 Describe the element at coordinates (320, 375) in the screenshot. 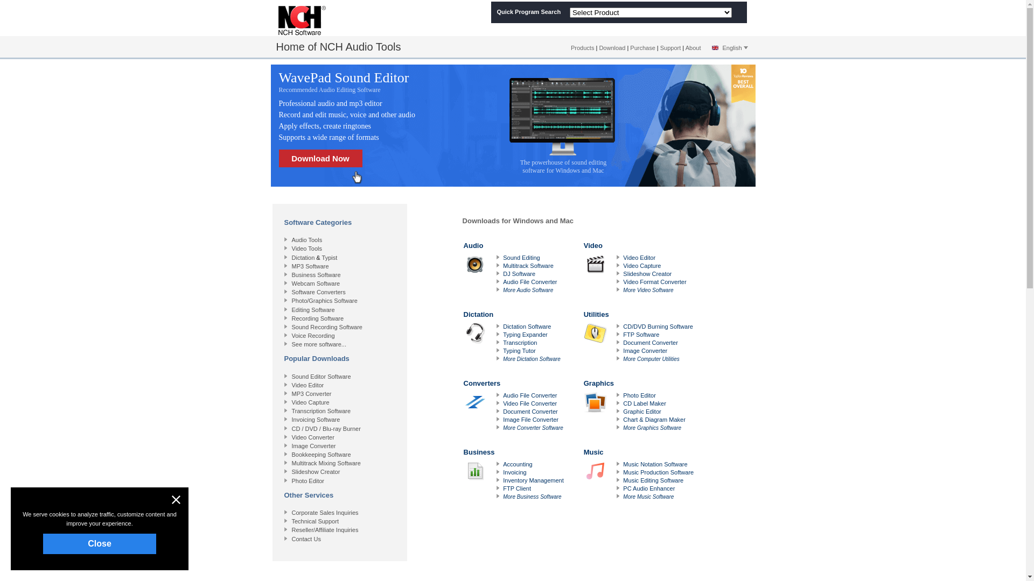

I see `'Sound Editor Software'` at that location.